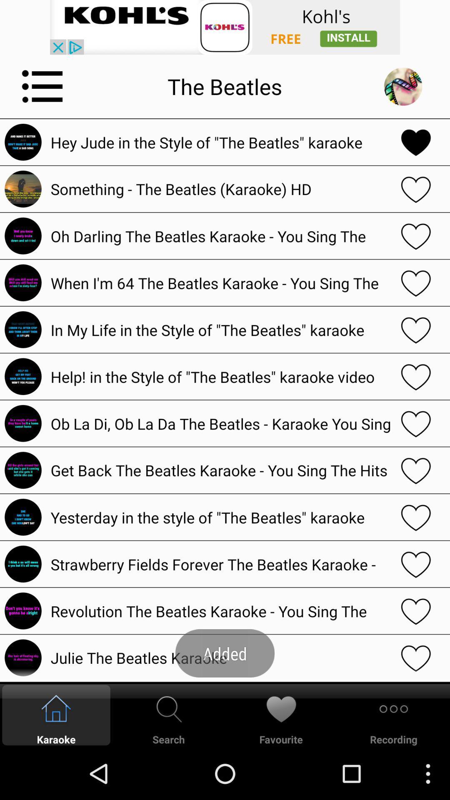 The height and width of the screenshot is (800, 450). What do you see at coordinates (416, 517) in the screenshot?
I see `like the song` at bounding box center [416, 517].